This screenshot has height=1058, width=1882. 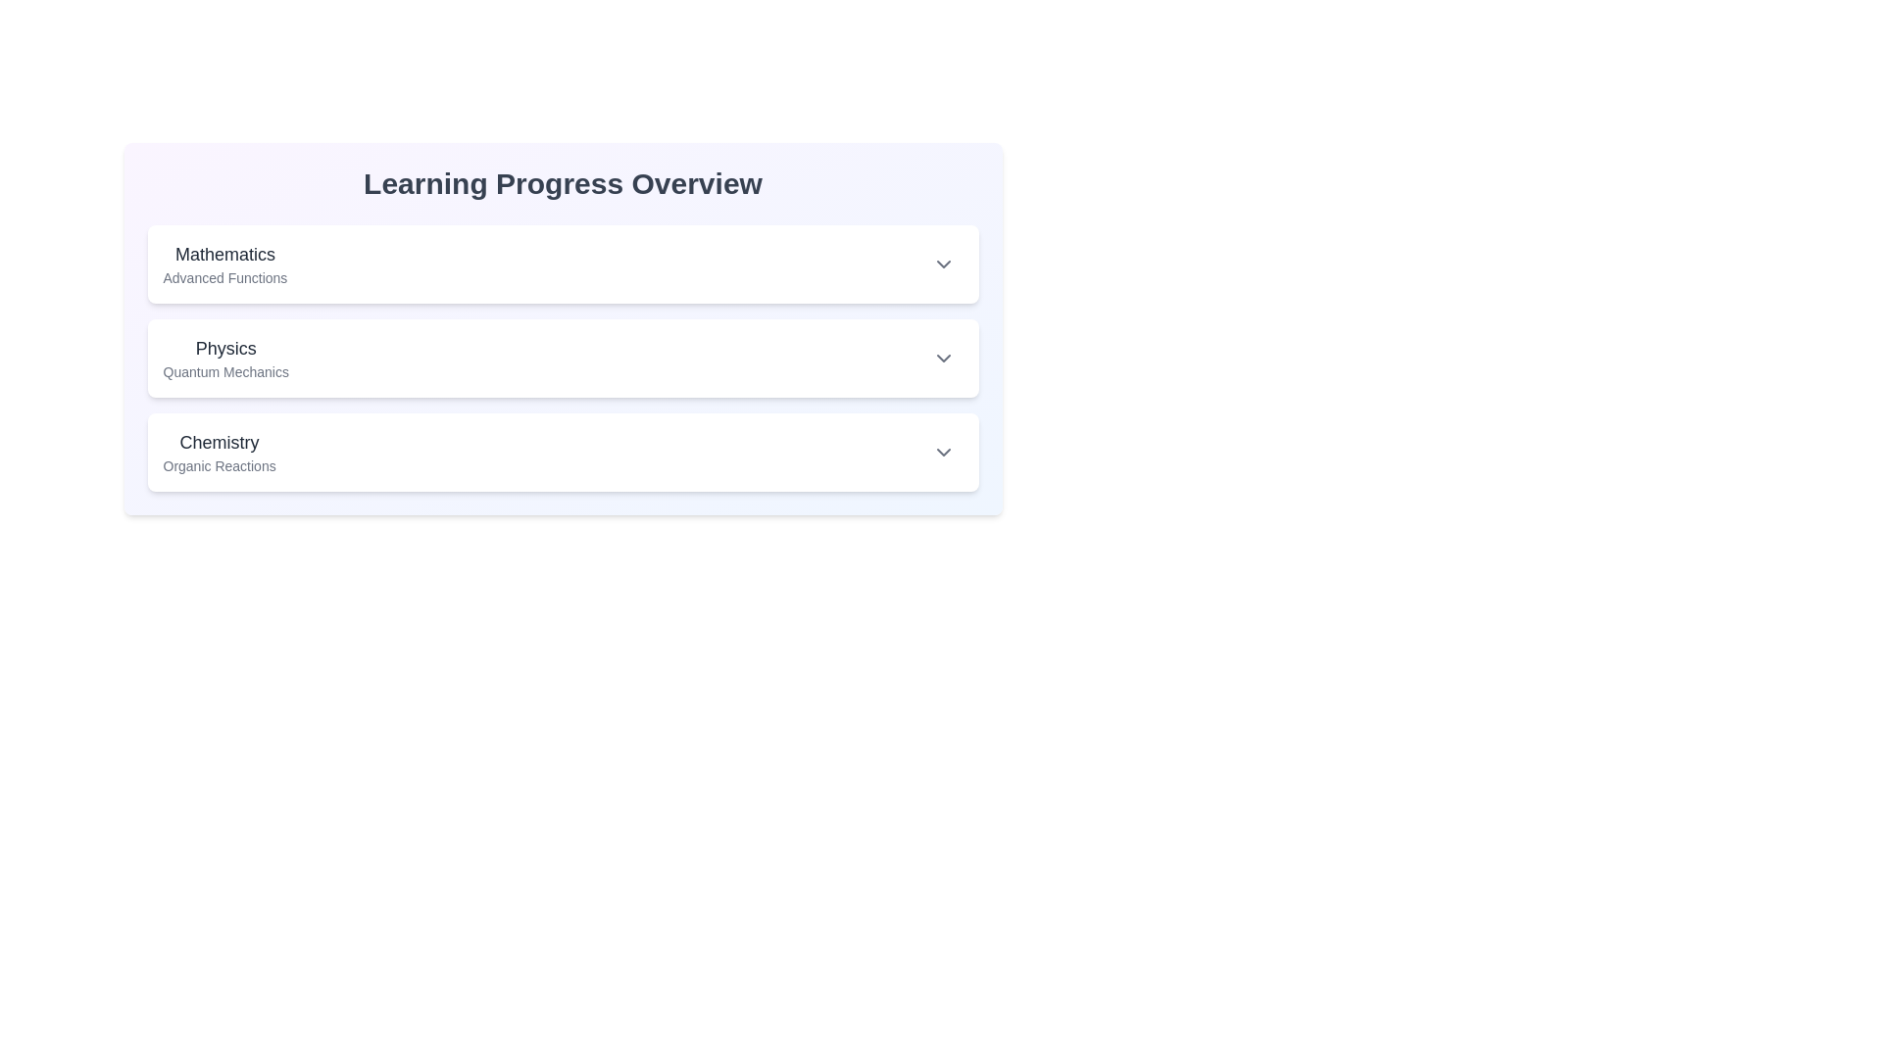 I want to click on the 'Physics' subject card displaying 'Quantum Mechanics' in the Learning Progress Overview section, so click(x=562, y=327).